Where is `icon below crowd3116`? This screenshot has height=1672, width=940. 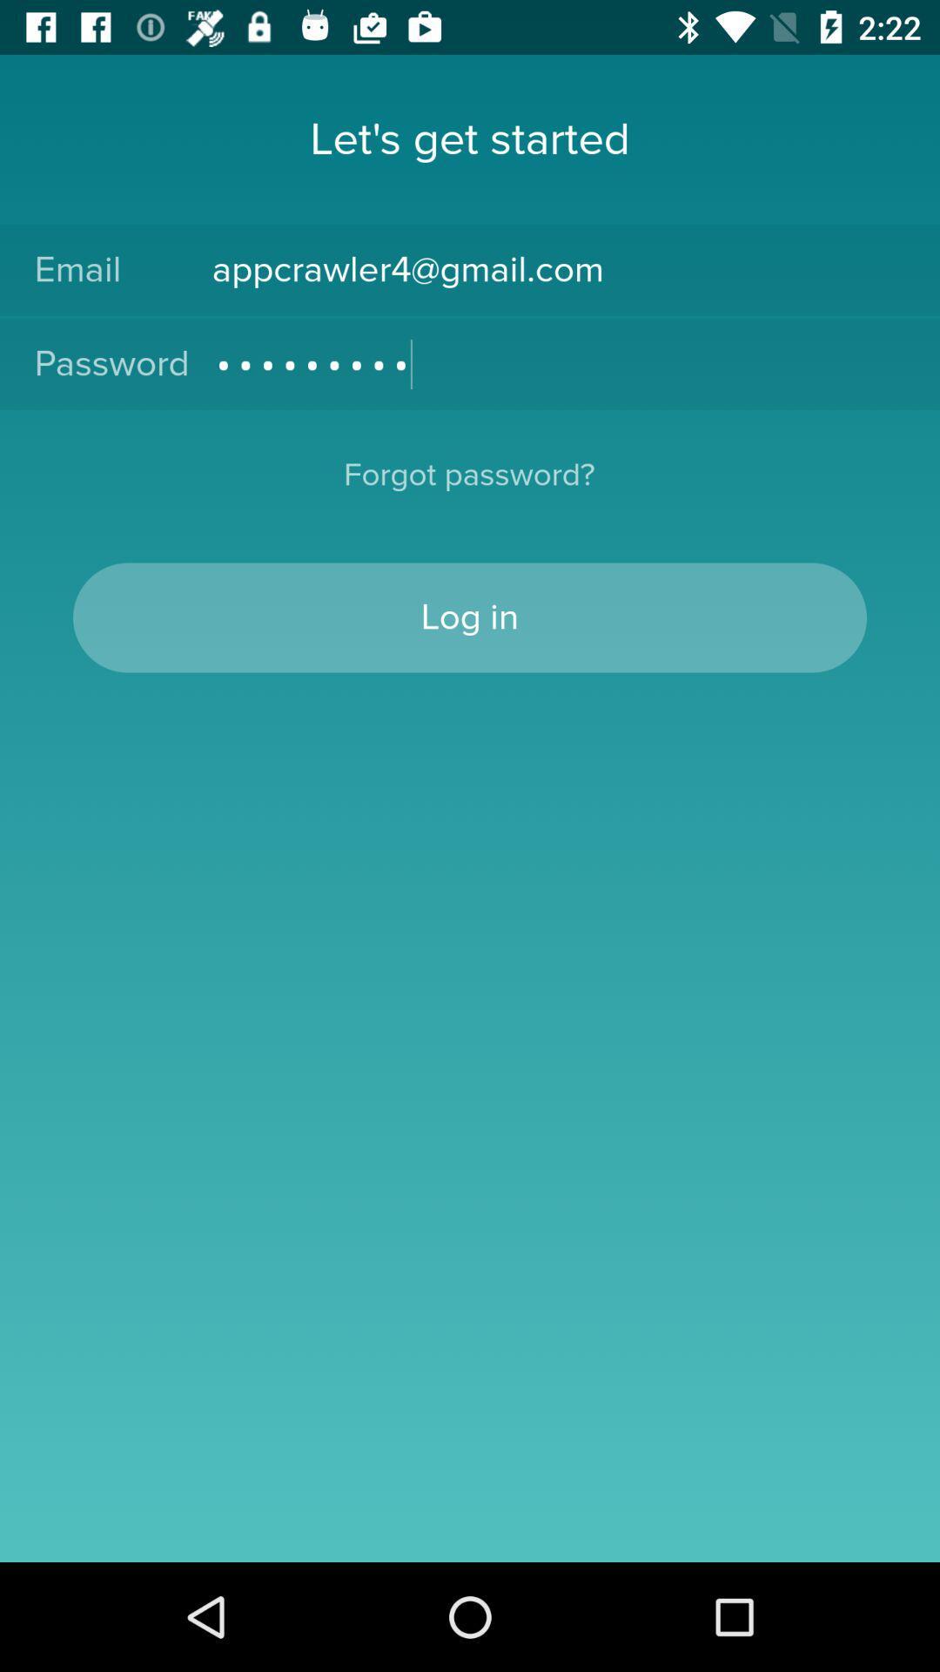
icon below crowd3116 is located at coordinates (468, 486).